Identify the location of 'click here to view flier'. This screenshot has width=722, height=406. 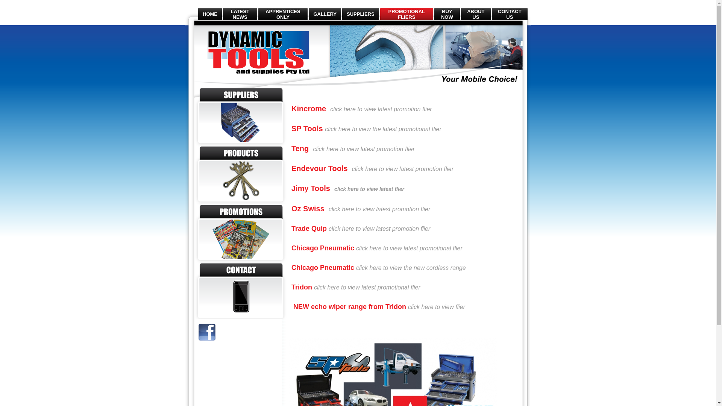
(437, 307).